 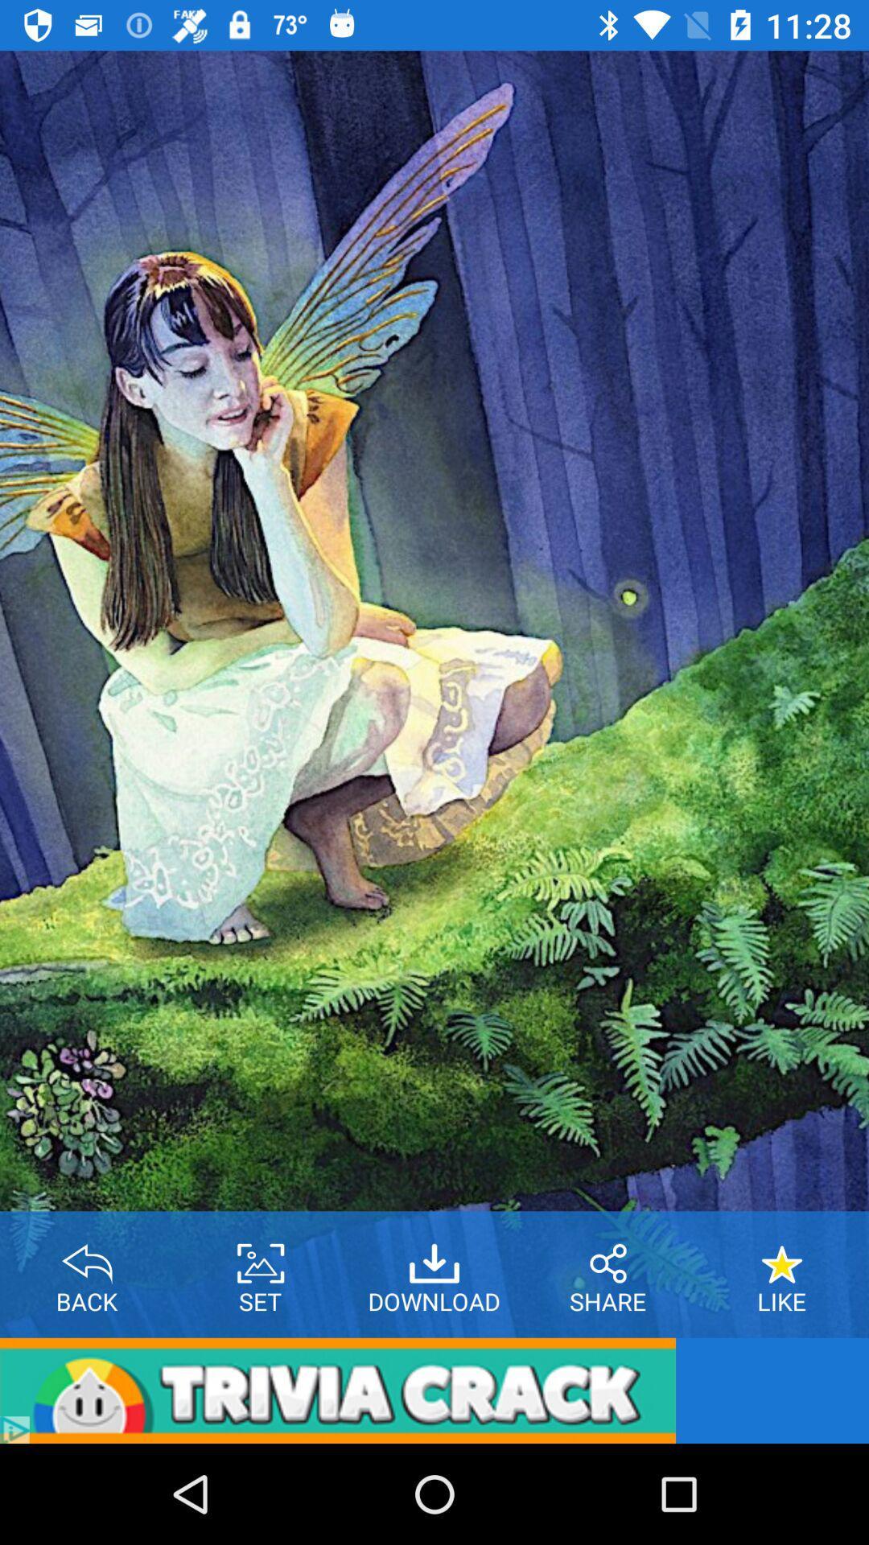 I want to click on the reply icon, so click(x=87, y=1257).